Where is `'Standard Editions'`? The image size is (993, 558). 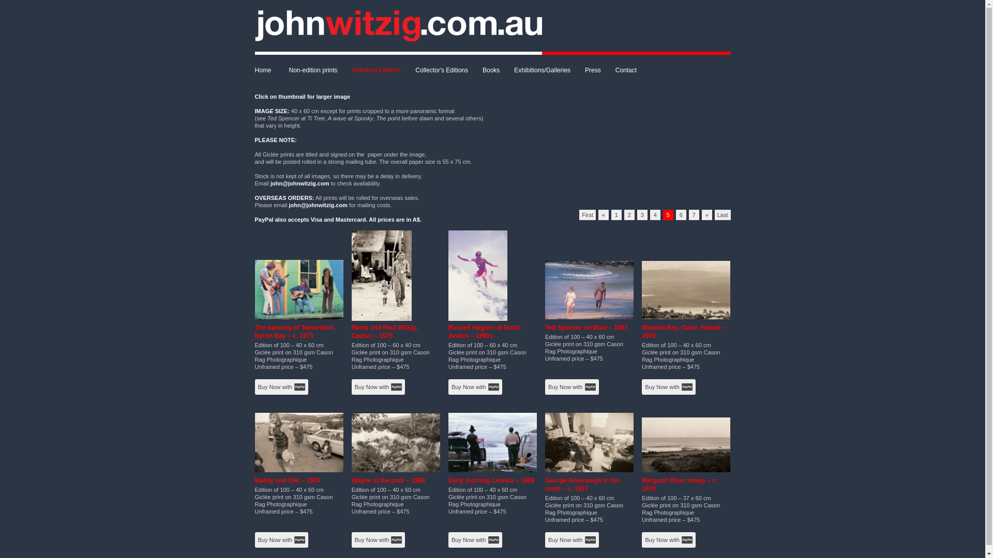
'Standard Editions' is located at coordinates (376, 70).